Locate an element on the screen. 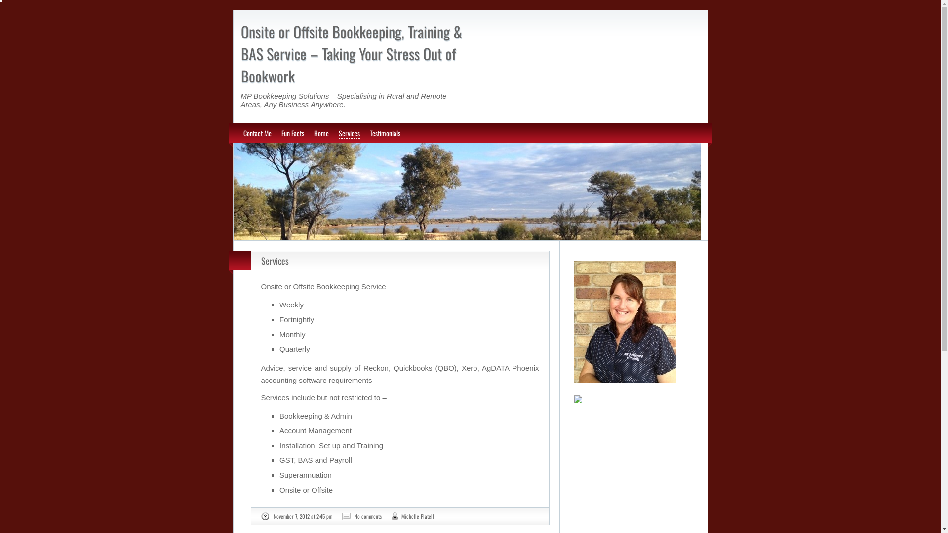  'Fun Facts' is located at coordinates (292, 132).